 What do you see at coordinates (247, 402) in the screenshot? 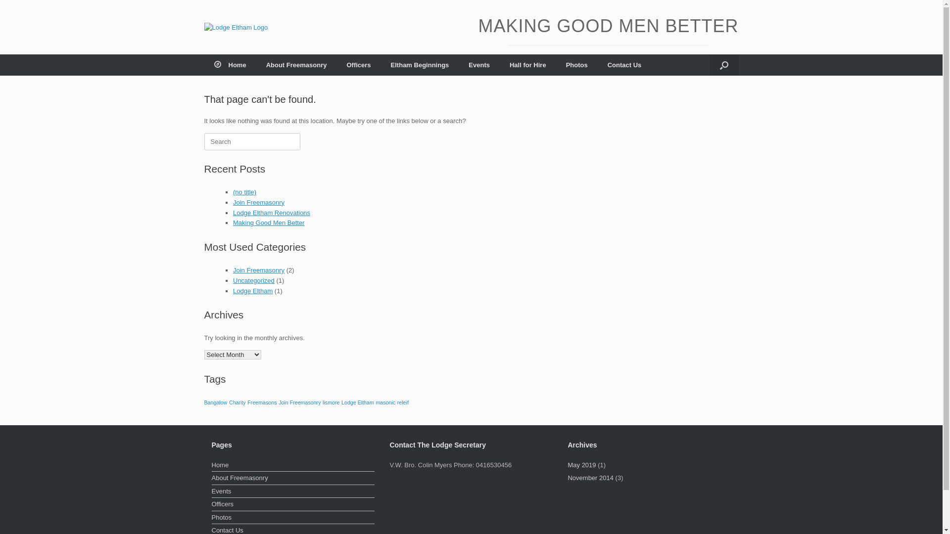
I see `'Freemasons'` at bounding box center [247, 402].